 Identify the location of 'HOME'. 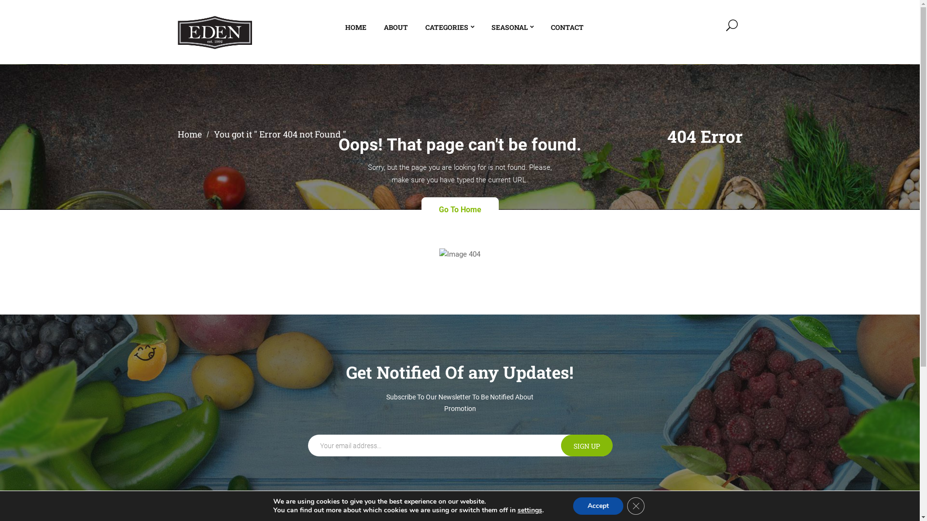
(354, 27).